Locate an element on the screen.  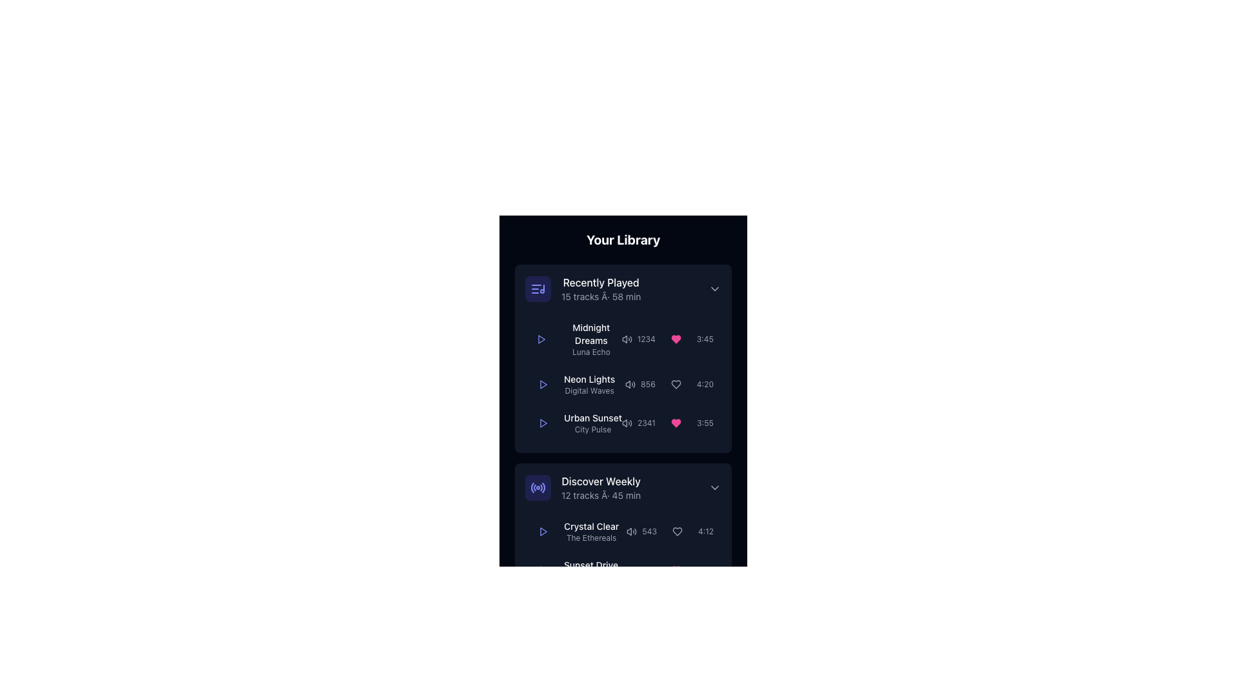
the text display element labeled 'Urban Sunset' and 'City Pulse' is located at coordinates (592, 423).